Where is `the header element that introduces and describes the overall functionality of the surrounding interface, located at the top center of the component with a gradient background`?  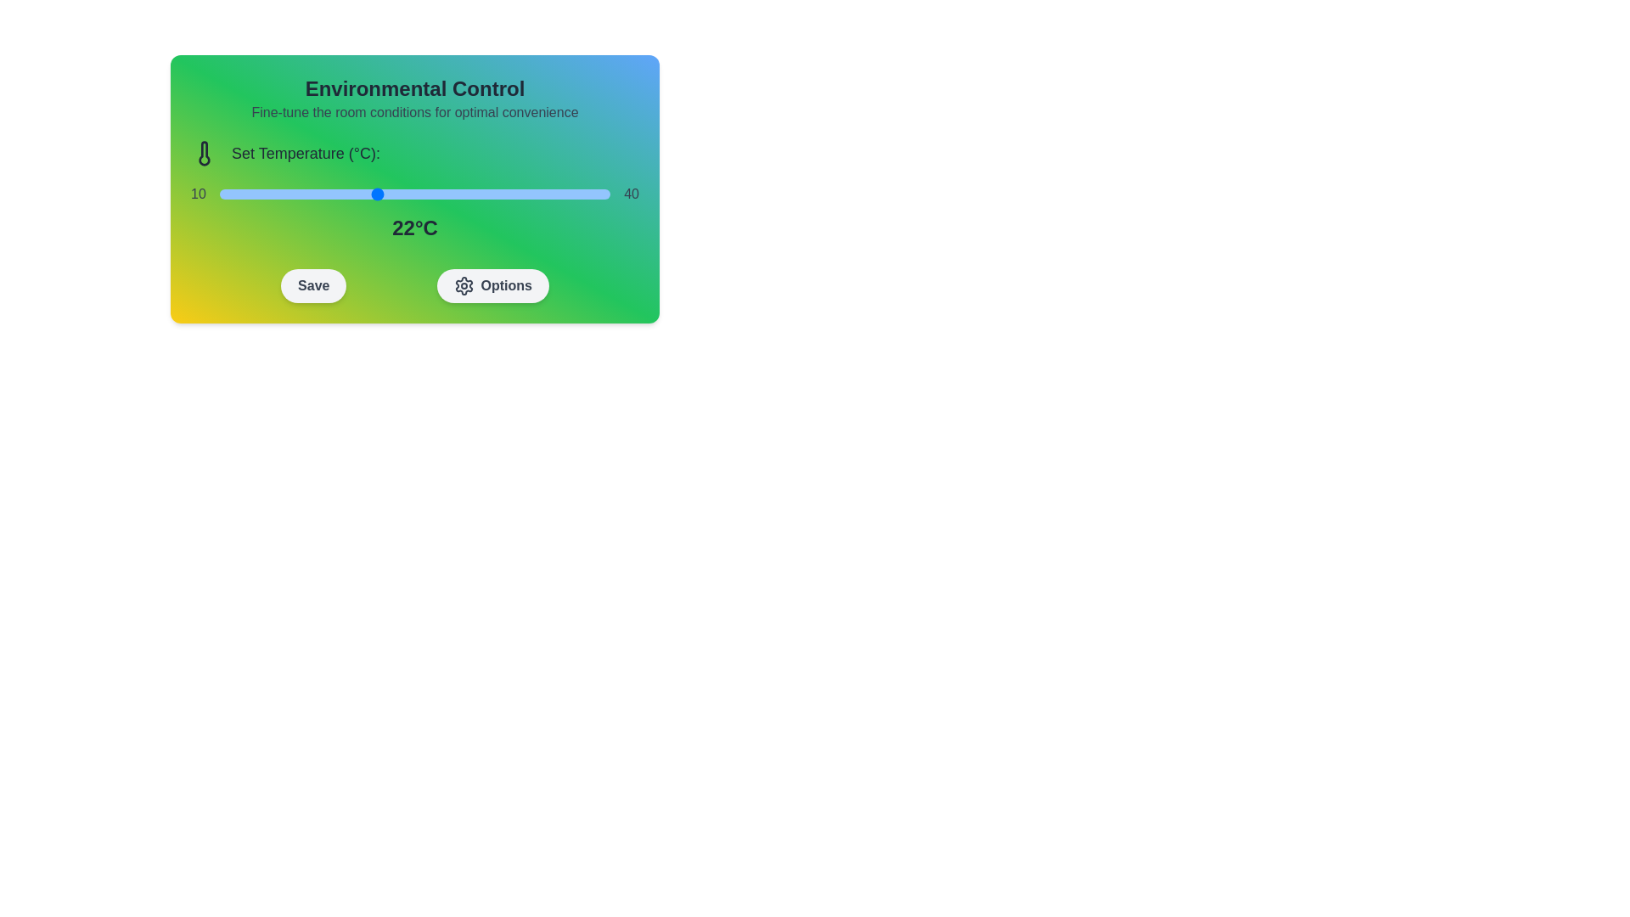
the header element that introduces and describes the overall functionality of the surrounding interface, located at the top center of the component with a gradient background is located at coordinates (415, 98).